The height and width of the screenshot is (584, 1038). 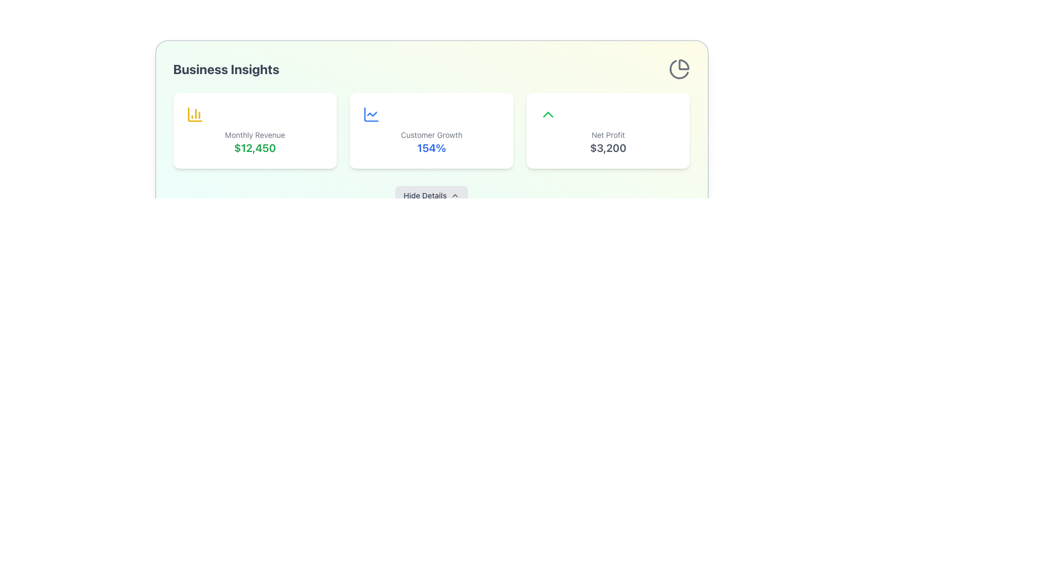 What do you see at coordinates (195, 115) in the screenshot?
I see `the icon representing 'Monthly Revenue' located at the top of the 'Monthly Revenue' card, positioned on the leftmost side of the group of informational cards` at bounding box center [195, 115].